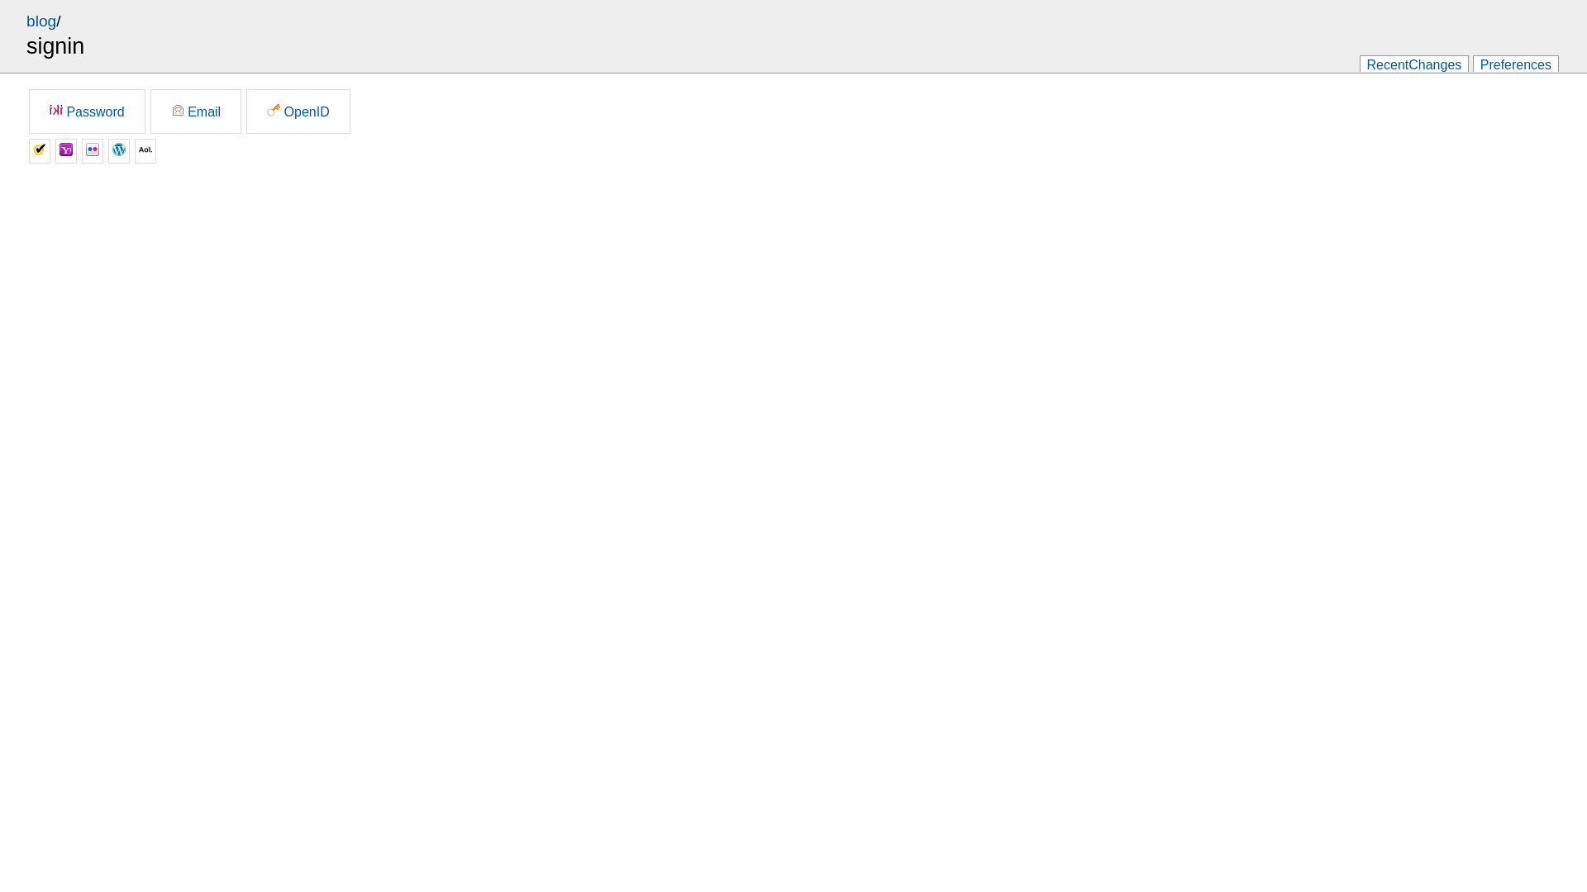 This screenshot has width=1587, height=892. Describe the element at coordinates (55, 150) in the screenshot. I see `'Yahoo'` at that location.